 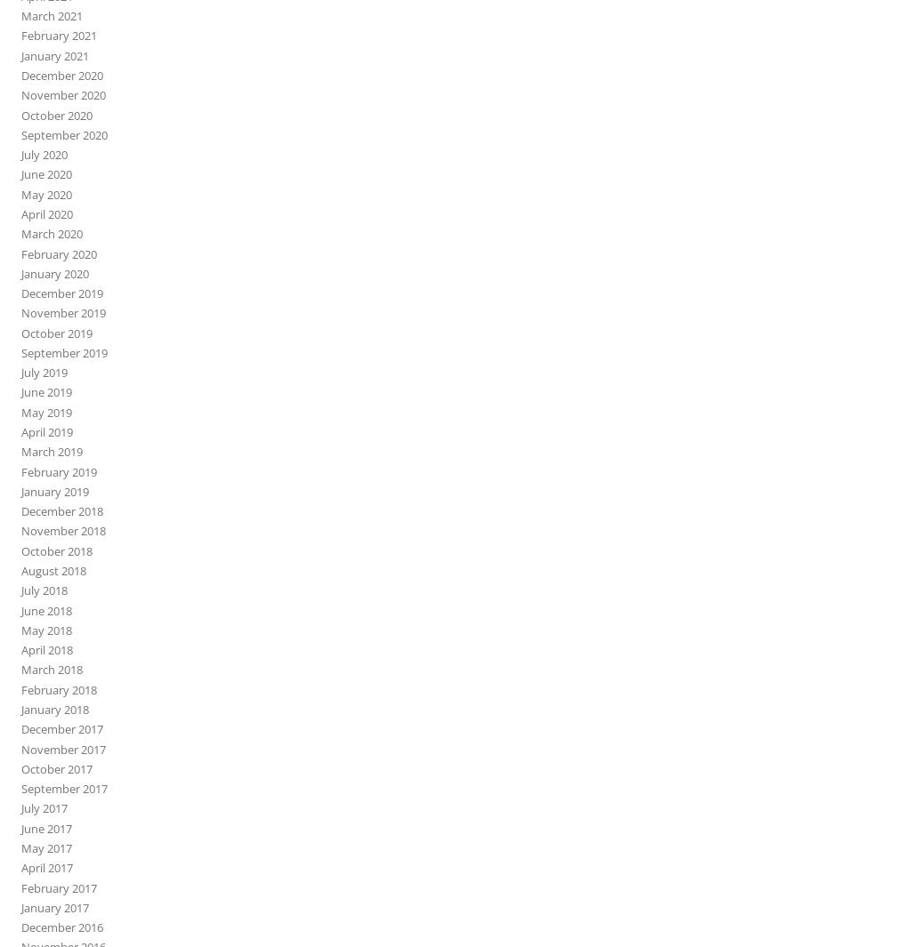 I want to click on 'August 2018', so click(x=53, y=570).